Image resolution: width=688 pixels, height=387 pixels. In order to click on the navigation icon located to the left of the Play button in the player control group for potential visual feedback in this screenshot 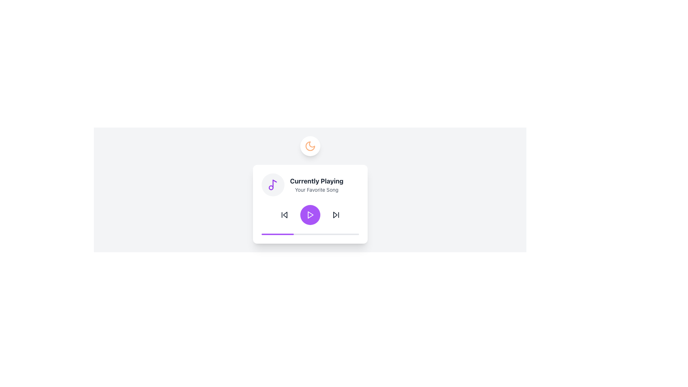, I will do `click(285, 215)`.